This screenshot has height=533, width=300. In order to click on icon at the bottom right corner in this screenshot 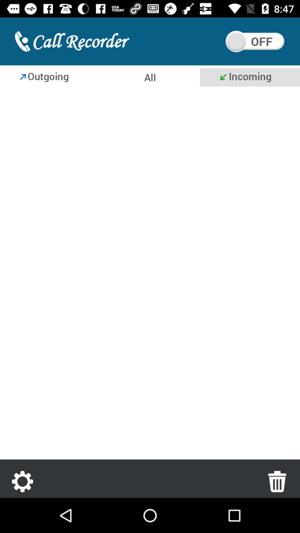, I will do `click(277, 481)`.